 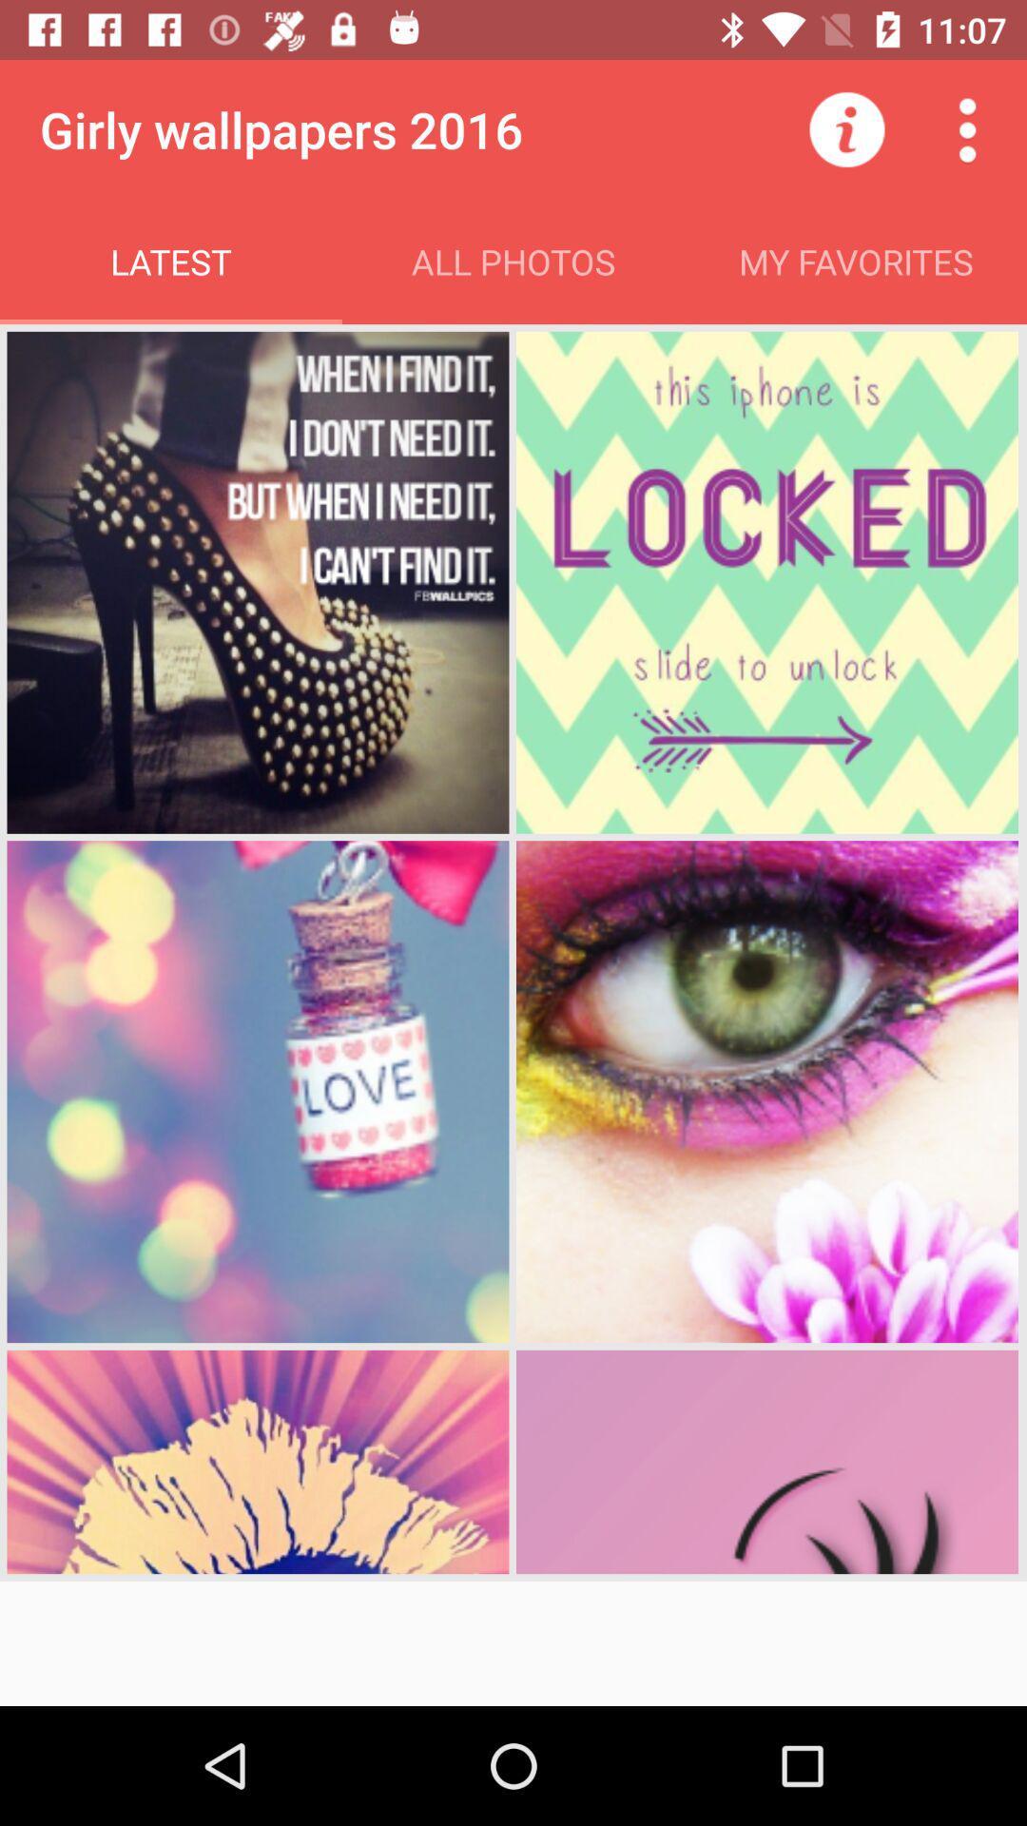 What do you see at coordinates (967, 128) in the screenshot?
I see `share button` at bounding box center [967, 128].